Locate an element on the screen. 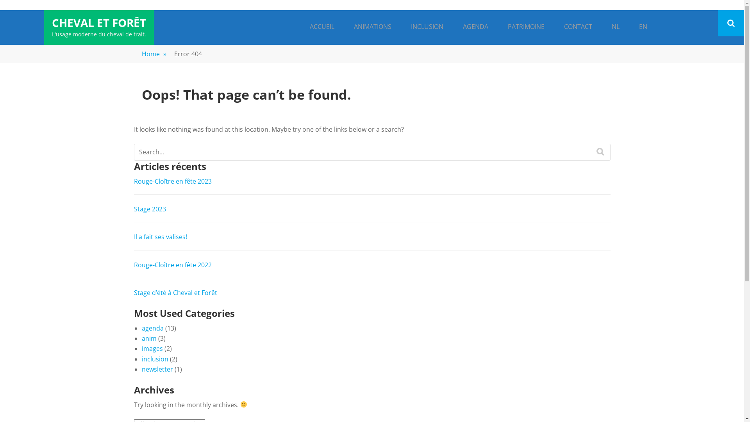 The width and height of the screenshot is (750, 422). 'NL' is located at coordinates (605, 27).